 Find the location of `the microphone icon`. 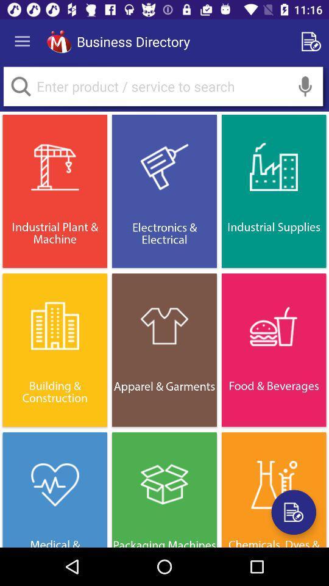

the microphone icon is located at coordinates (305, 85).